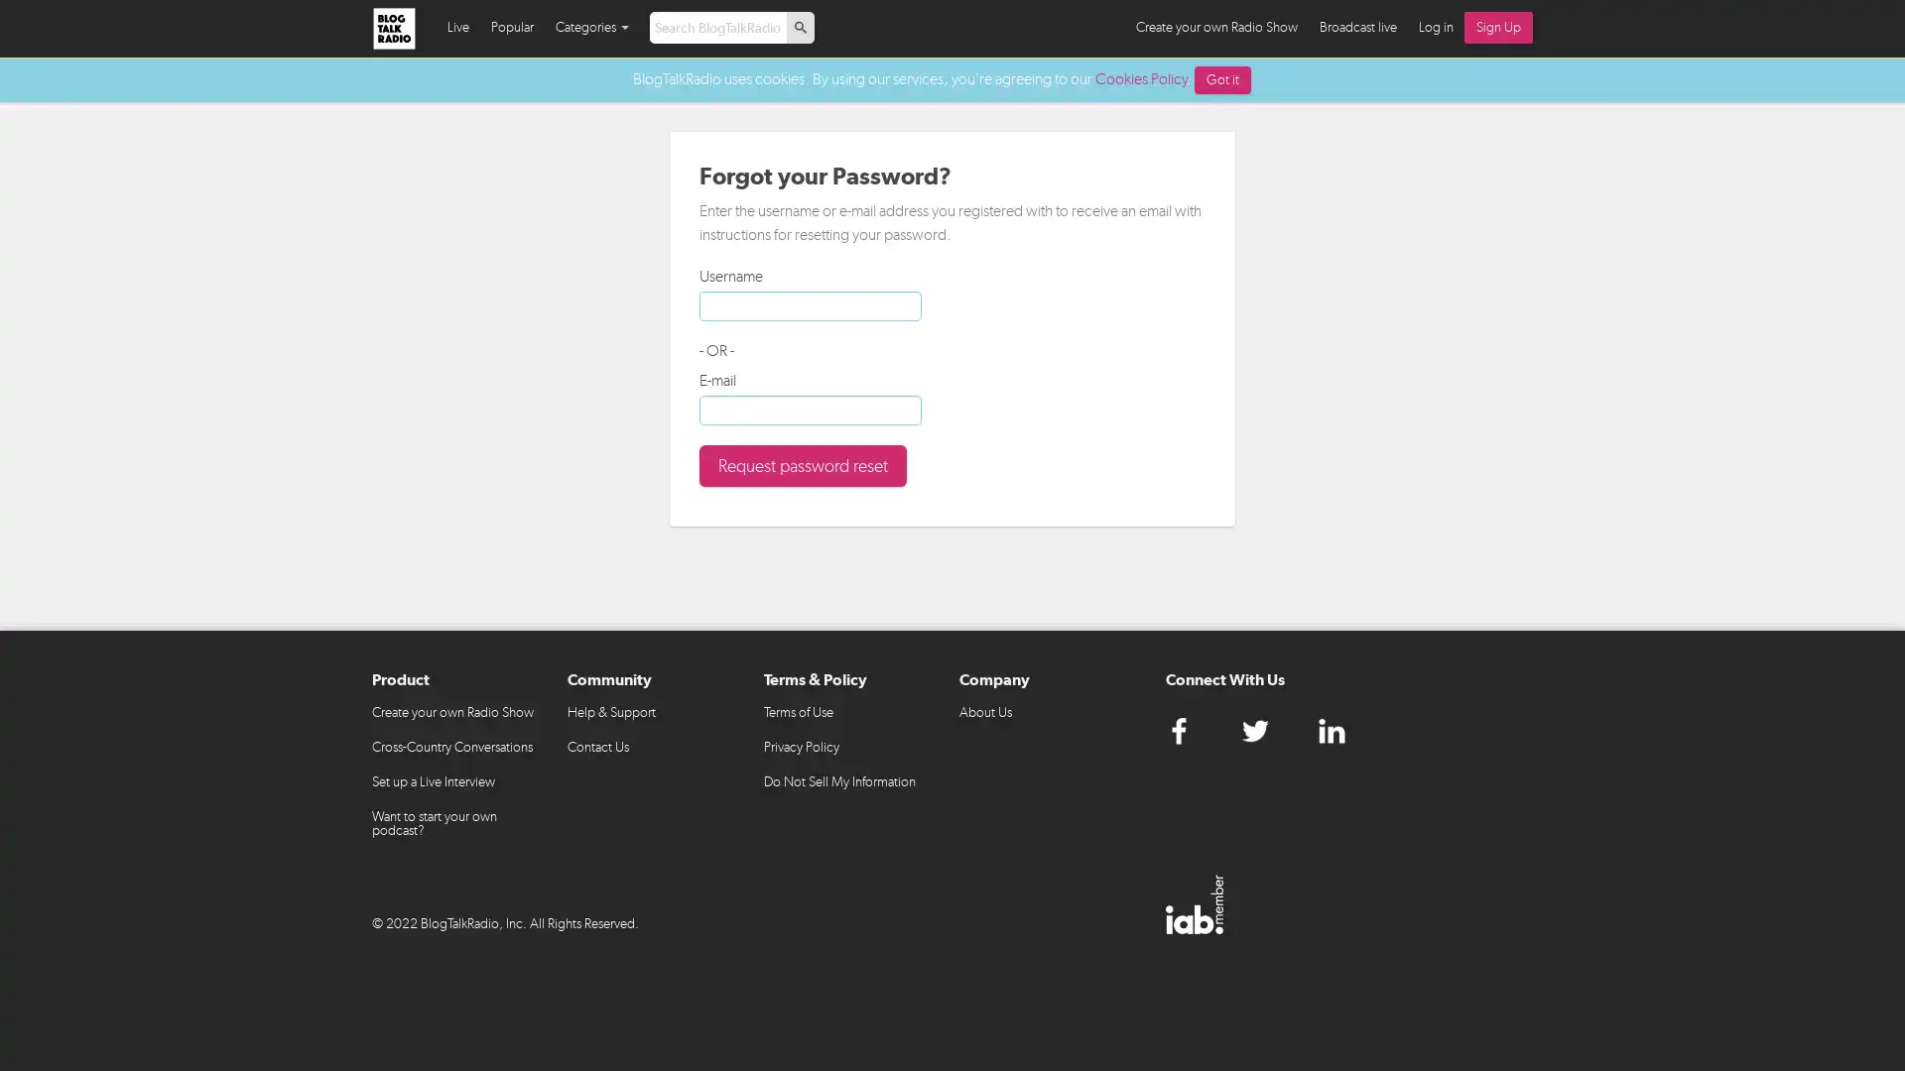 The height and width of the screenshot is (1071, 1905). Describe the element at coordinates (800, 27) in the screenshot. I see `p` at that location.